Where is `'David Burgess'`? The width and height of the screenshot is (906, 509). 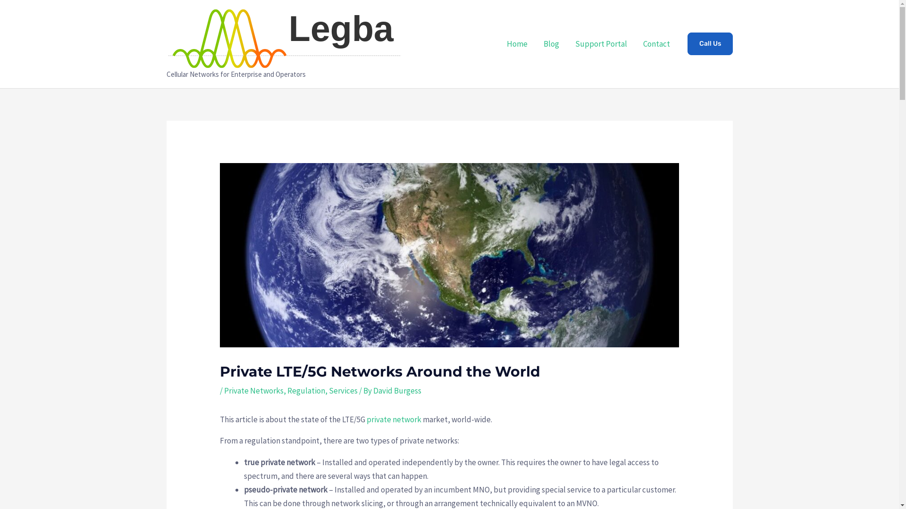 'David Burgess' is located at coordinates (397, 391).